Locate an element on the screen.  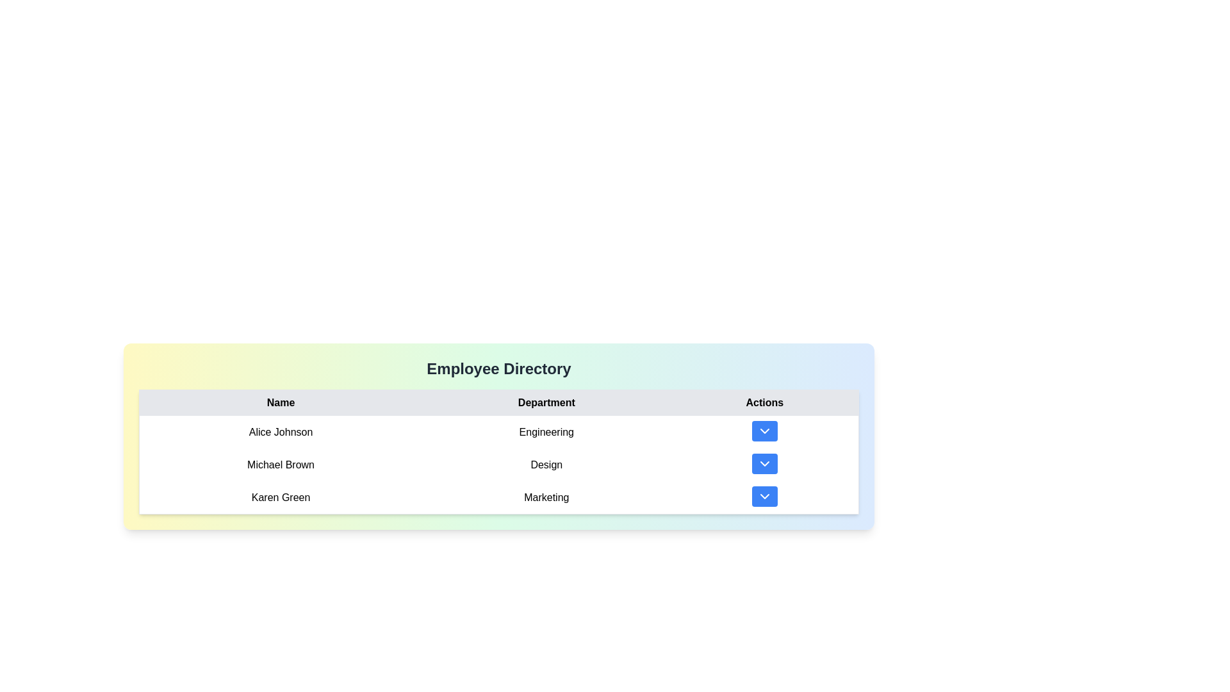
the dropdown button in the 'Actions' column is located at coordinates (765, 465).